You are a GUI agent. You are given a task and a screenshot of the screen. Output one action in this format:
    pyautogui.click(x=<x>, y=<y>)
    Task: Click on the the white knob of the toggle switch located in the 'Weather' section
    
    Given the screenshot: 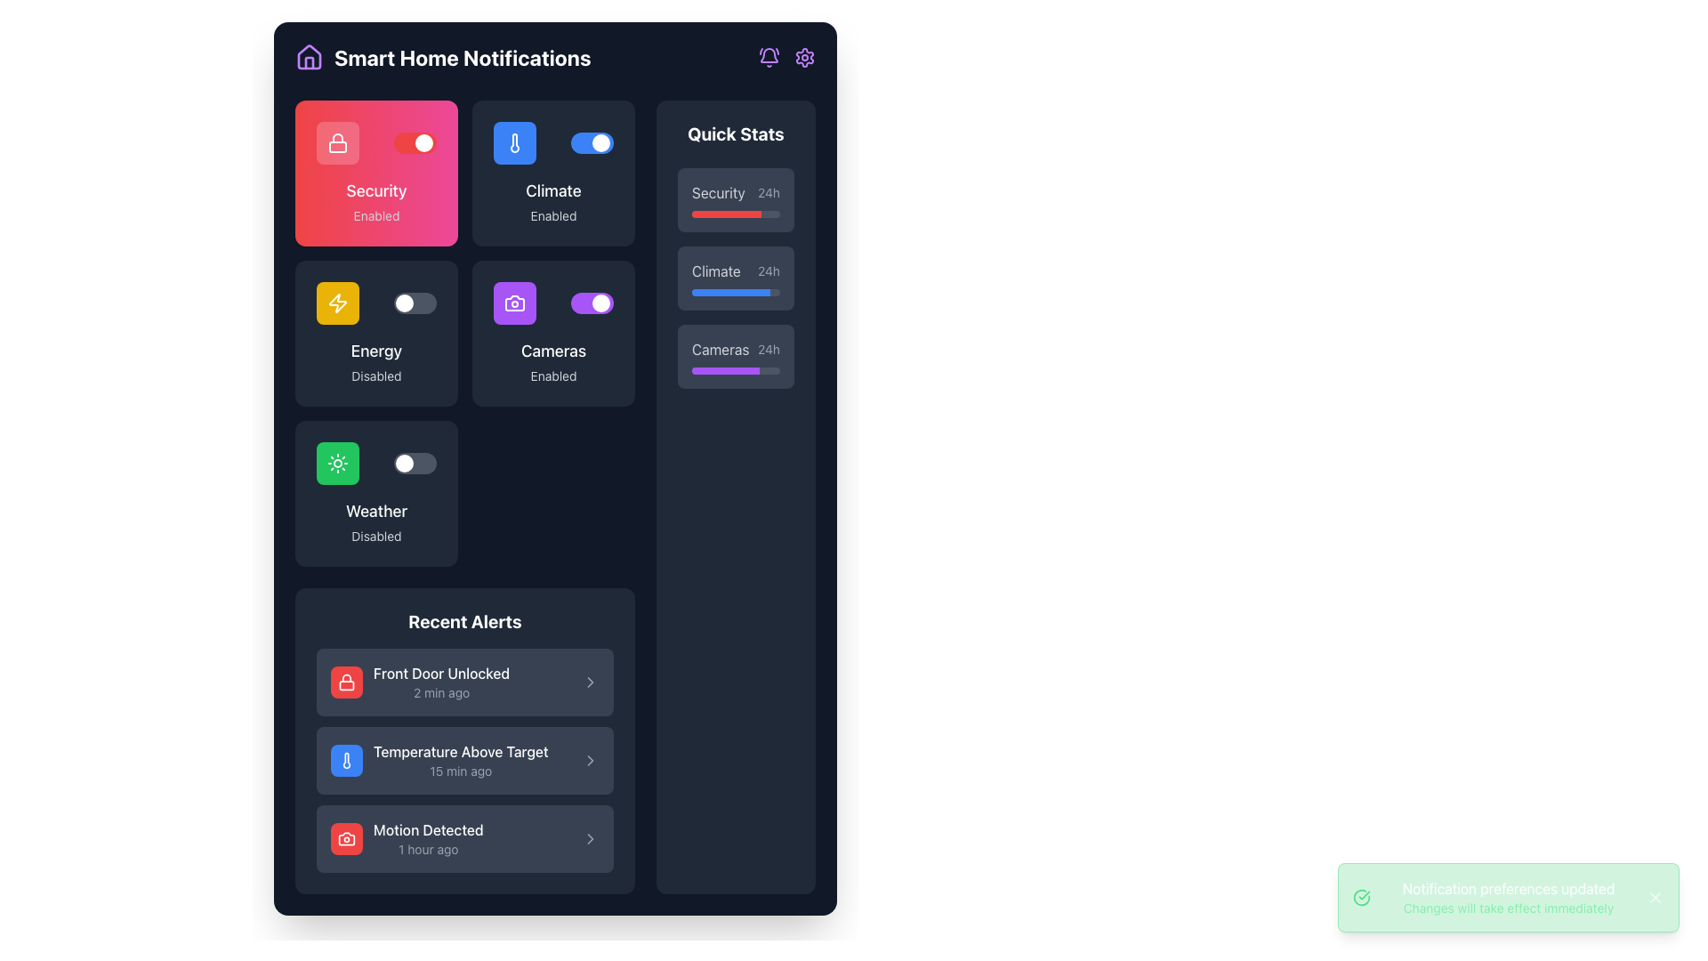 What is the action you would take?
    pyautogui.click(x=414, y=462)
    